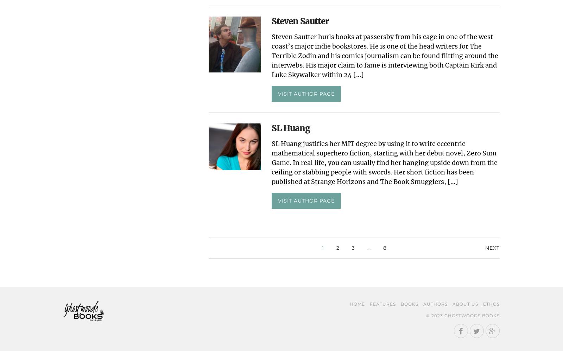  Describe the element at coordinates (410, 304) in the screenshot. I see `'Books'` at that location.